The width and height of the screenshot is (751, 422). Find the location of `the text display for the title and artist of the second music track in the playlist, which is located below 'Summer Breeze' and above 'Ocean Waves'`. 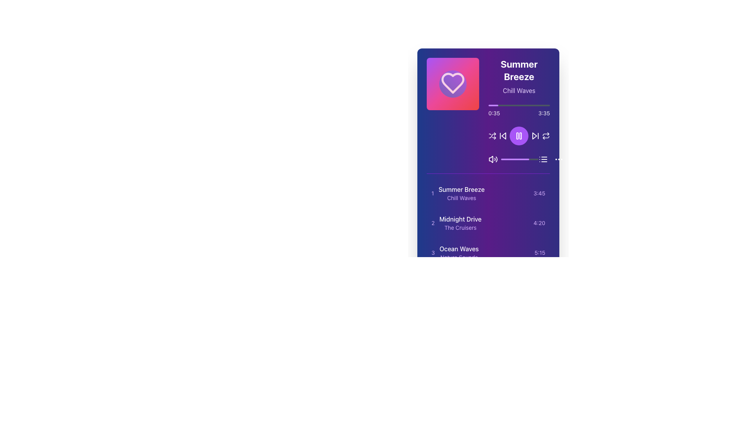

the text display for the title and artist of the second music track in the playlist, which is located below 'Summer Breeze' and above 'Ocean Waves' is located at coordinates (460, 223).